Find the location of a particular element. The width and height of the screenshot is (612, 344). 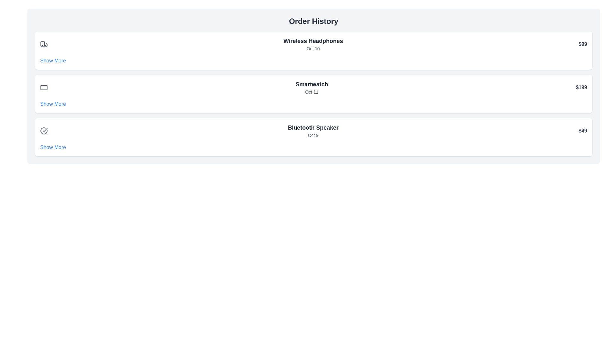

text label displaying '$99' in bold gray font, which is positioned at the top-right of the list item for 'Wireless Headphones' is located at coordinates (583, 44).